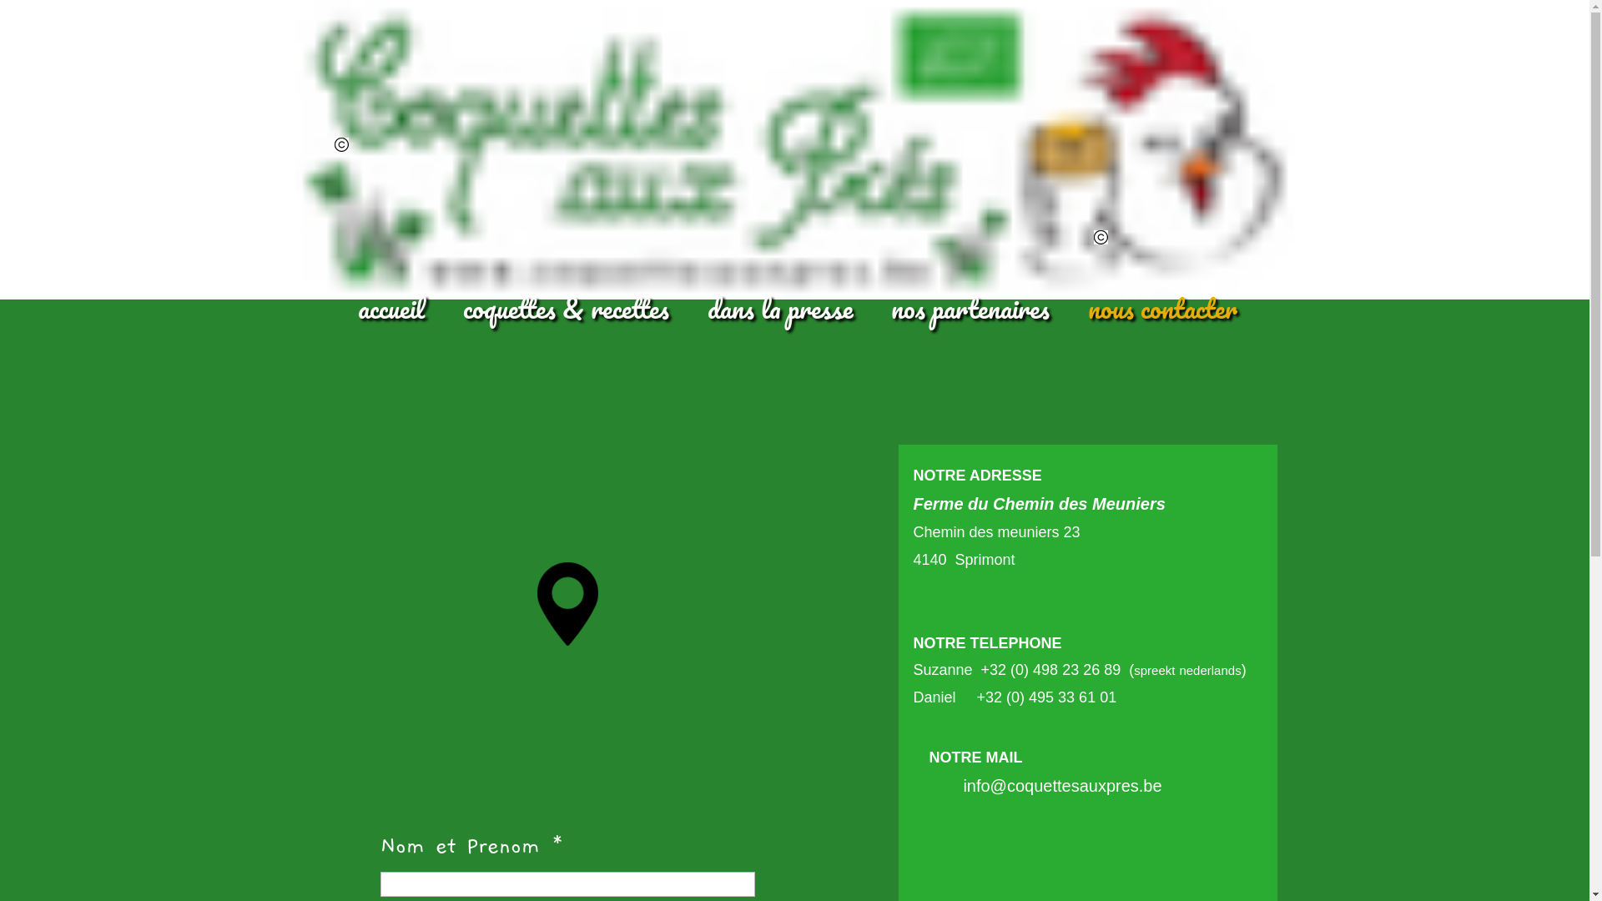  What do you see at coordinates (1060, 785) in the screenshot?
I see `'info@coquettesauxpres.be'` at bounding box center [1060, 785].